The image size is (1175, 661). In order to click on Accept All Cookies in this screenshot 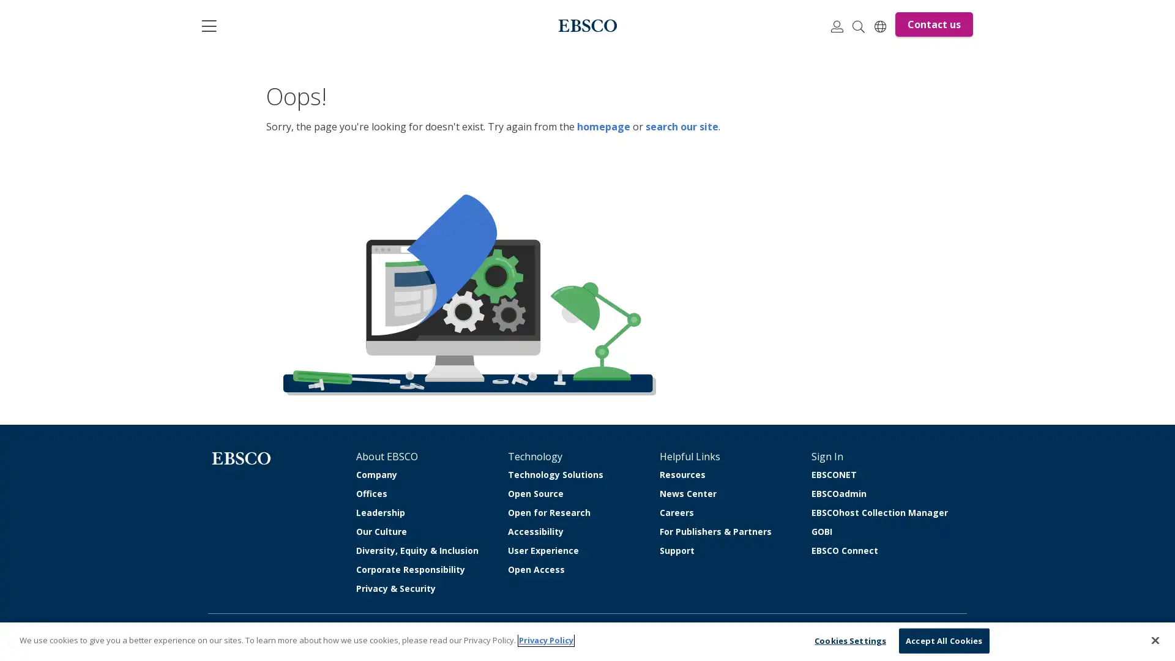, I will do `click(943, 640)`.